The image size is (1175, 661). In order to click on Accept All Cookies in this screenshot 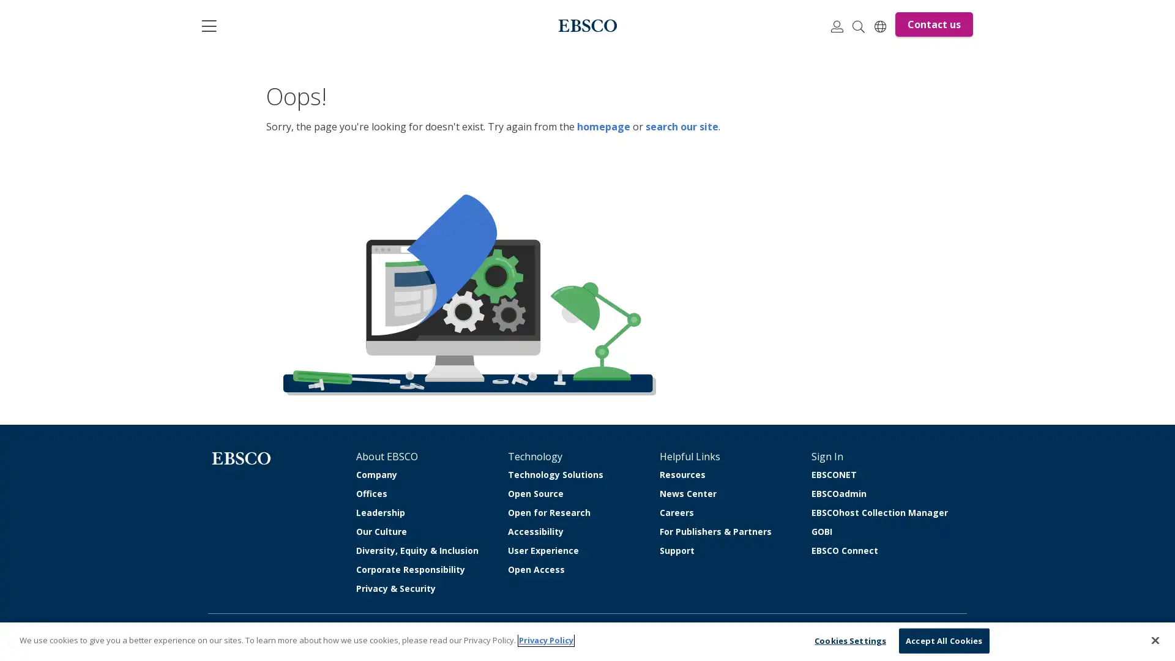, I will do `click(943, 640)`.